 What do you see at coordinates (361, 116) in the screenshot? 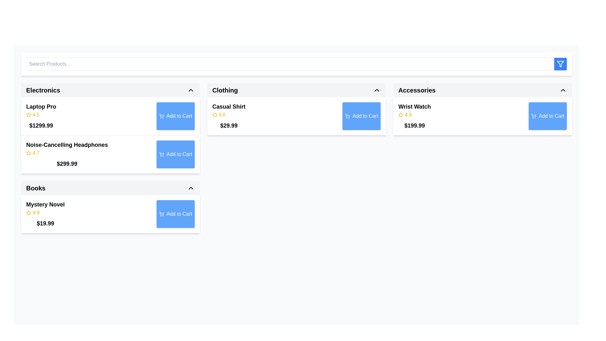
I see `the button located in the 'Clothing' section` at bounding box center [361, 116].